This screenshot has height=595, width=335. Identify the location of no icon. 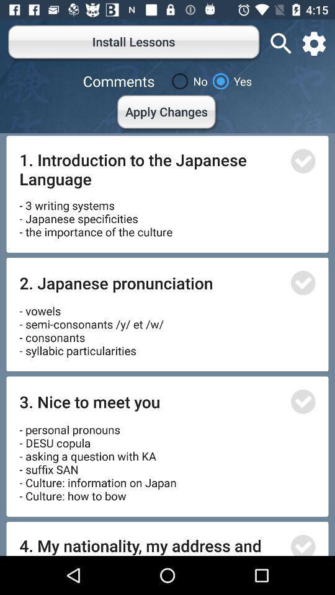
(187, 81).